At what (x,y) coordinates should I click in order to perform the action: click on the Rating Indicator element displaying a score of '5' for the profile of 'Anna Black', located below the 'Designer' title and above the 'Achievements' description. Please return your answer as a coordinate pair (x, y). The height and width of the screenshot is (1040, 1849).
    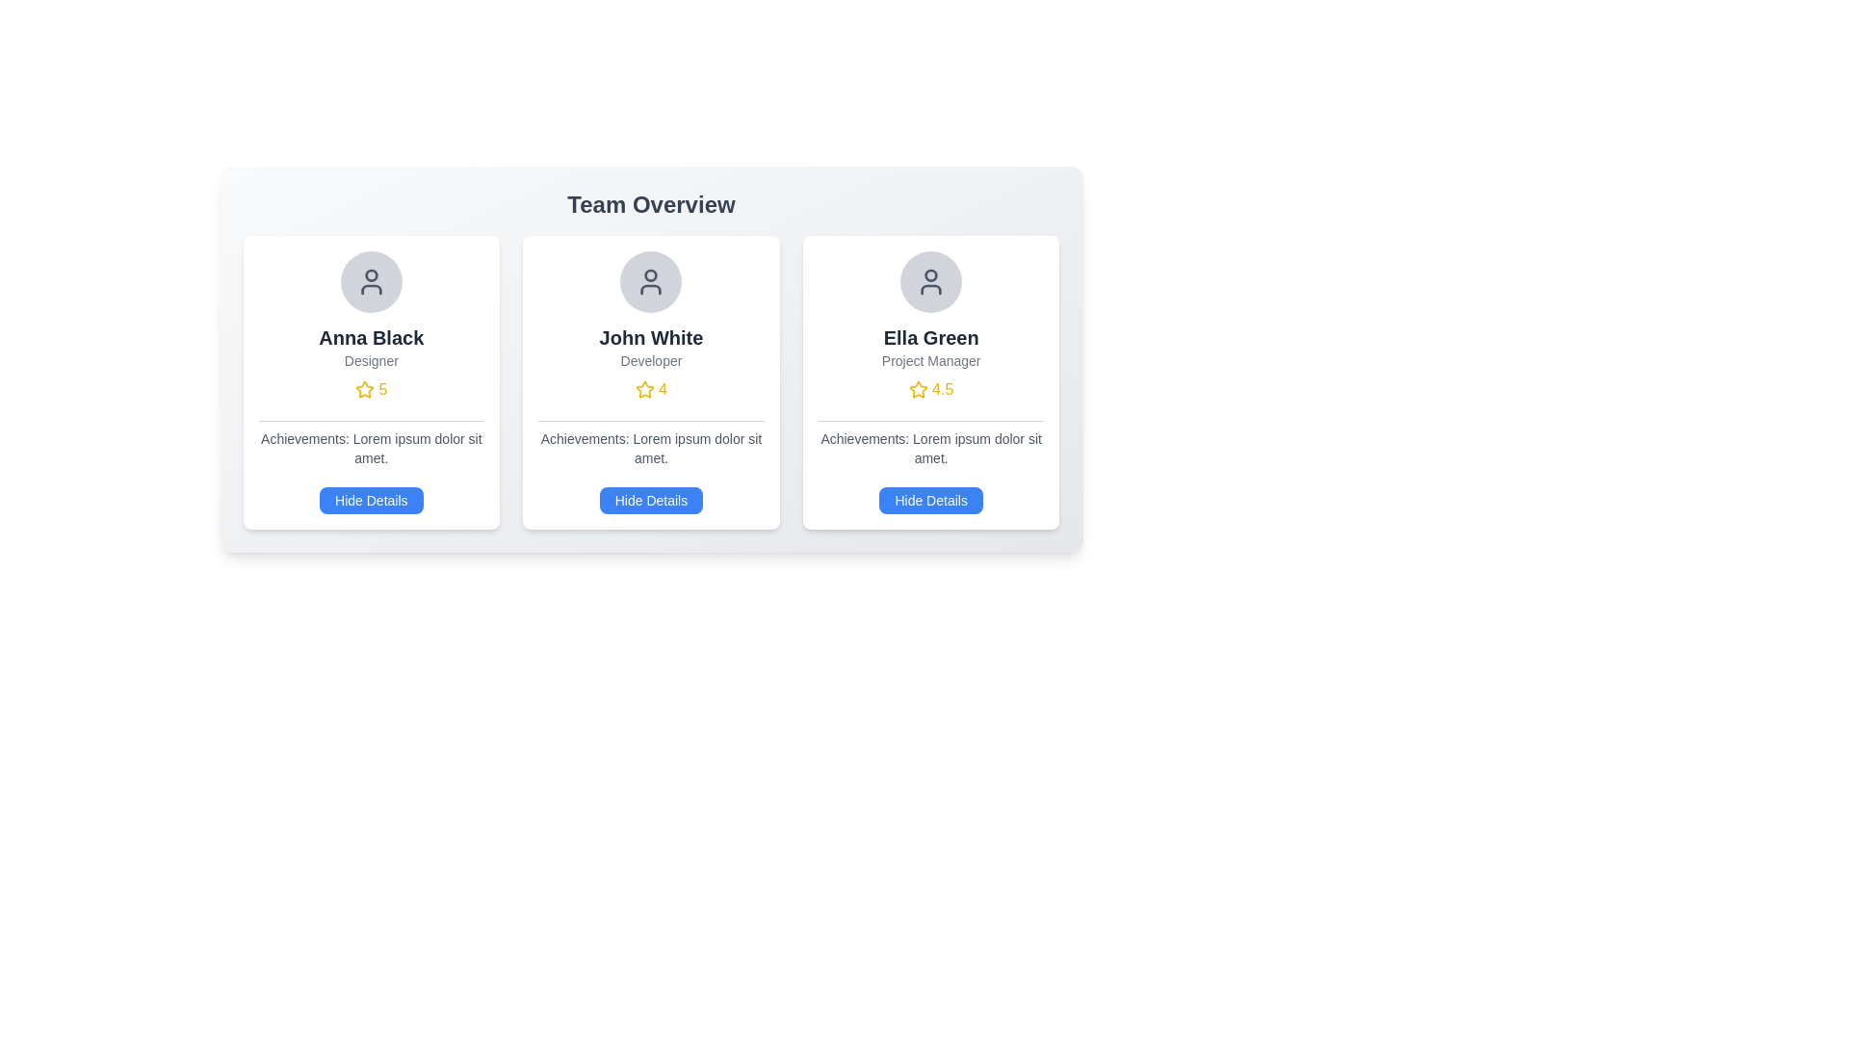
    Looking at the image, I should click on (371, 390).